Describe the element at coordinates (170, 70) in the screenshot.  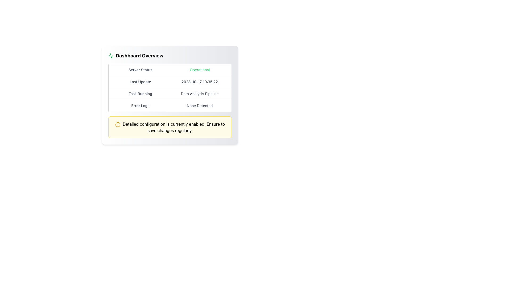
I see `the 'Server Status' Information Display Row, which shows the status message 'Operational' in green font, positioned at the top of the server information section` at that location.